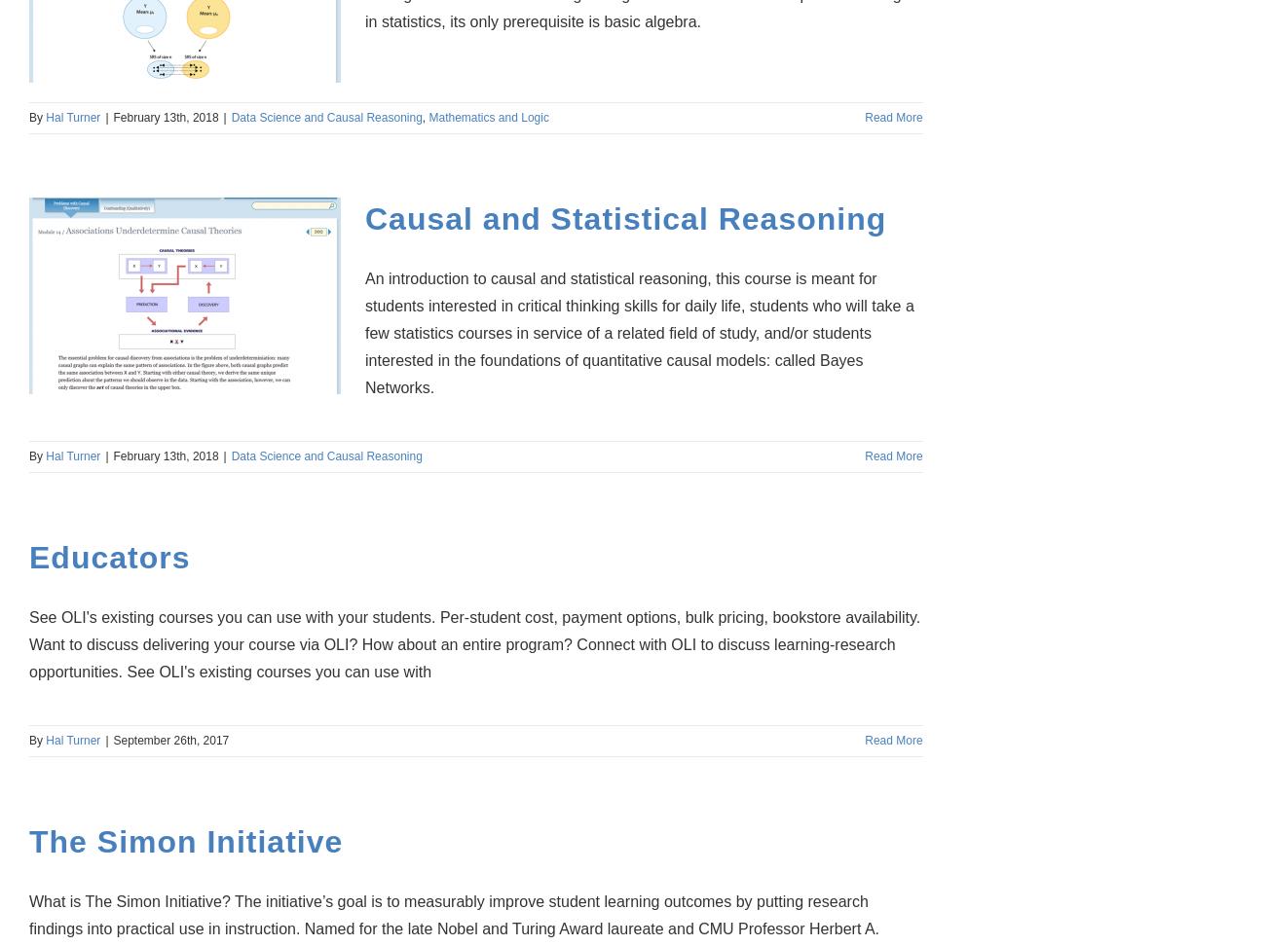 The height and width of the screenshot is (946, 1266). Describe the element at coordinates (488, 117) in the screenshot. I see `'Mathematics and Logic'` at that location.